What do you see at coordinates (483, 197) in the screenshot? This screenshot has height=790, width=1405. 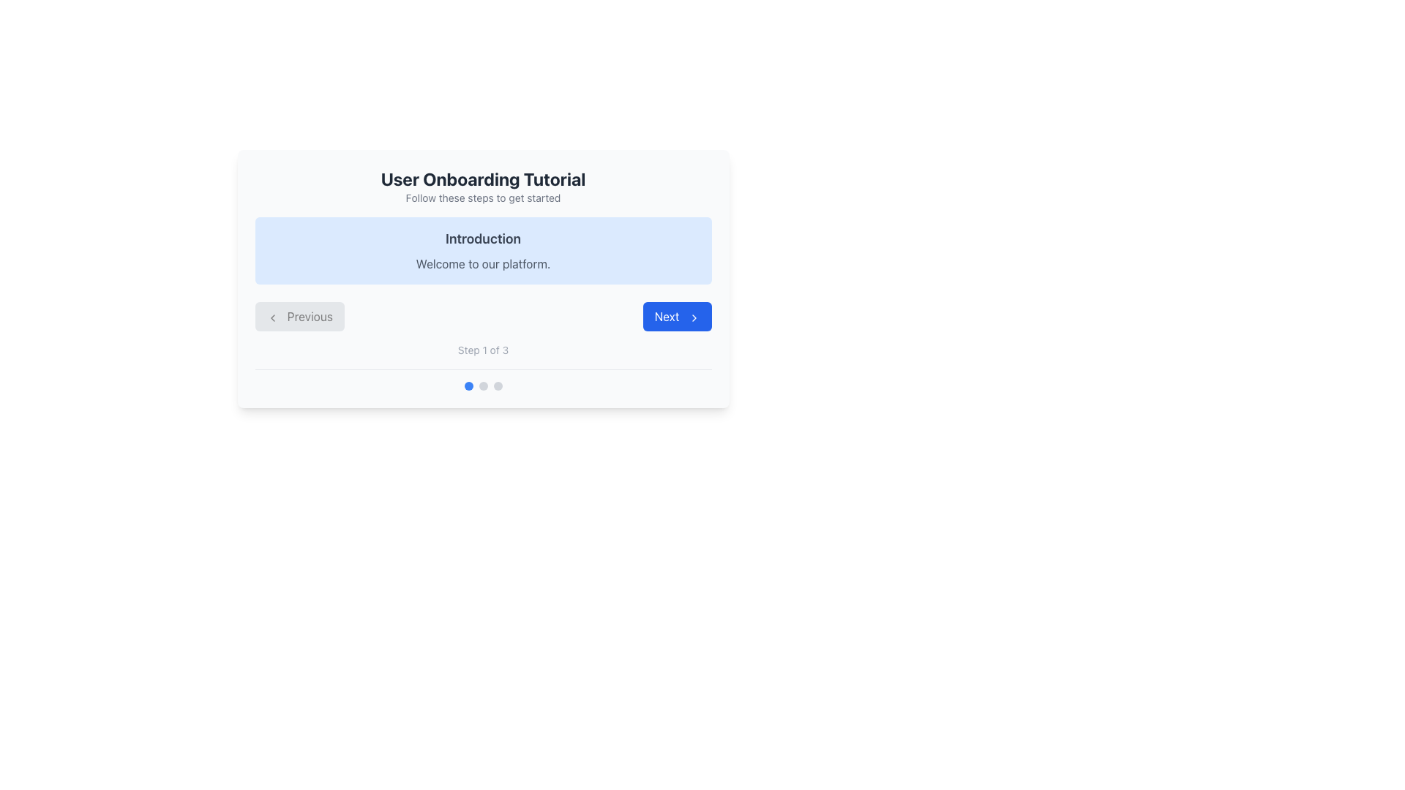 I see `instructional text content of the Text Label located below the title 'User Onboarding Tutorial'` at bounding box center [483, 197].